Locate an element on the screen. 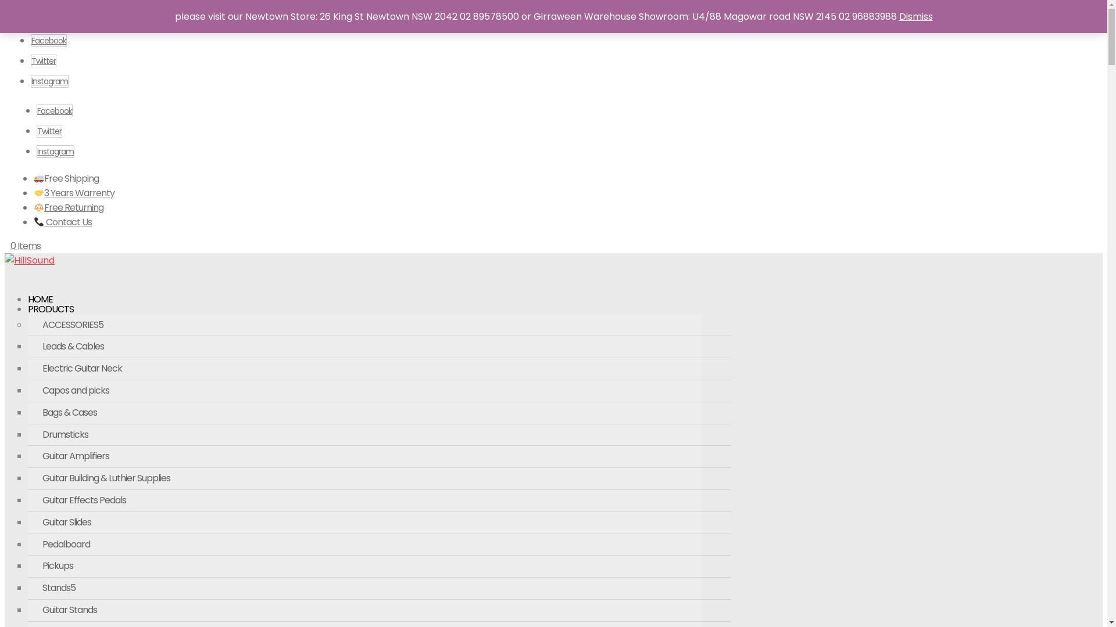 This screenshot has width=1116, height=627. 'Free Shipping' is located at coordinates (66, 178).